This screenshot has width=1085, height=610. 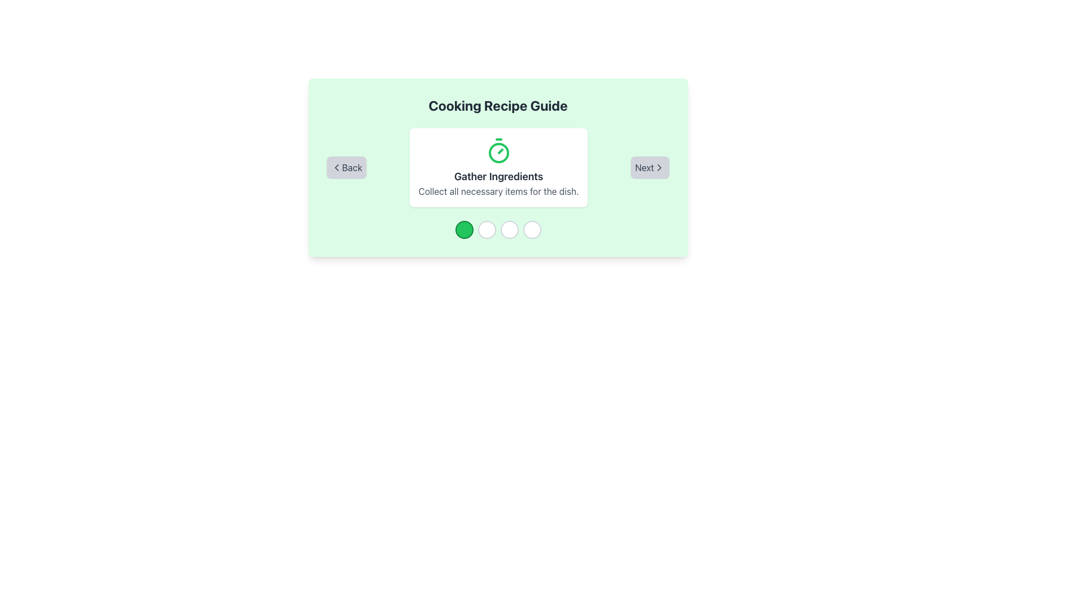 I want to click on the descriptive text label providing instructions for the 'Gather Ingredients' step, which is located at the lower portion of a white card, so click(x=498, y=191).